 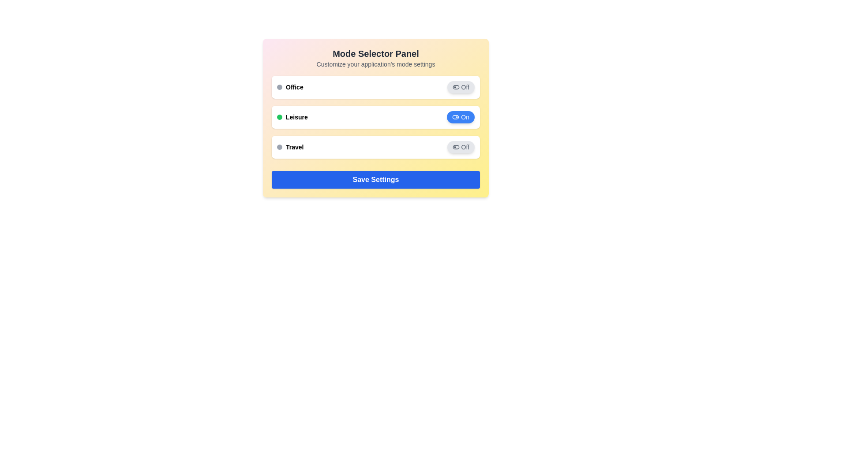 I want to click on 'Save Settings' button to save the current mode settings, so click(x=375, y=179).